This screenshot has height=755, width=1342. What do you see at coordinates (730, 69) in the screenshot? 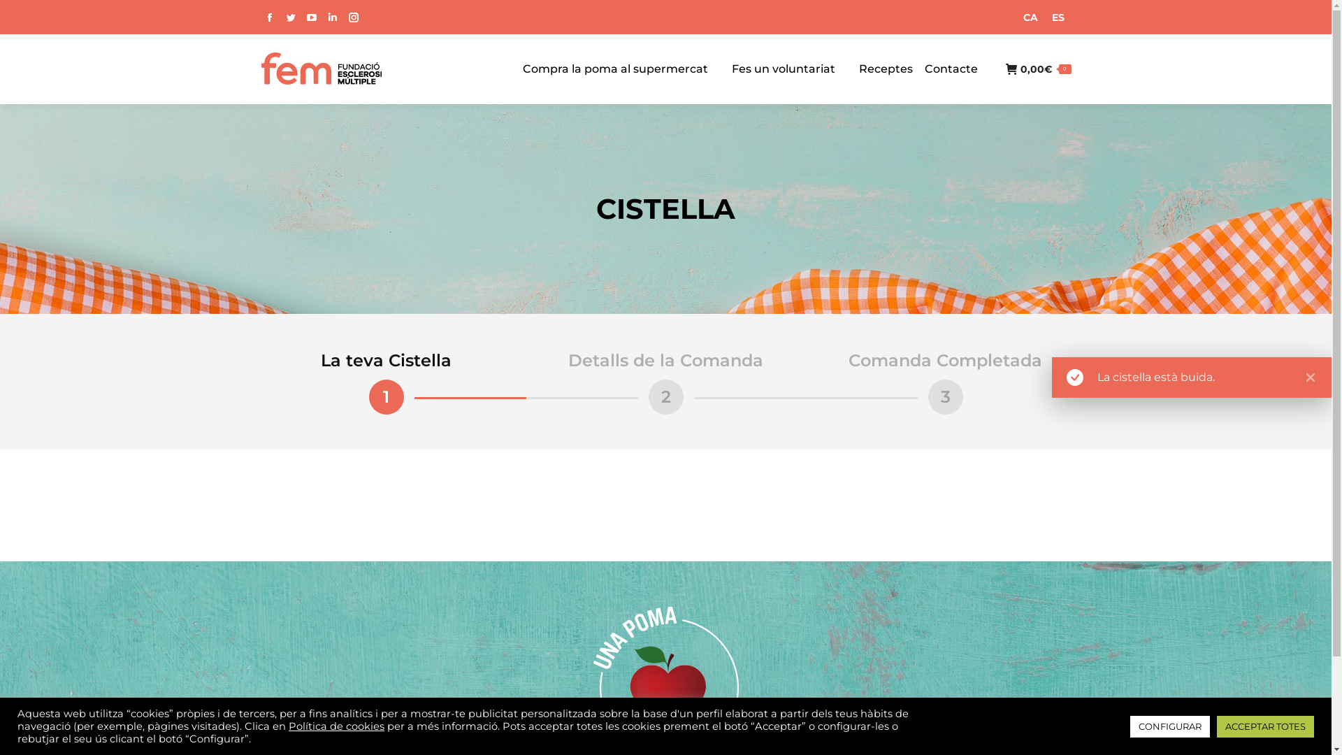
I see `'Fes un voluntariat'` at bounding box center [730, 69].